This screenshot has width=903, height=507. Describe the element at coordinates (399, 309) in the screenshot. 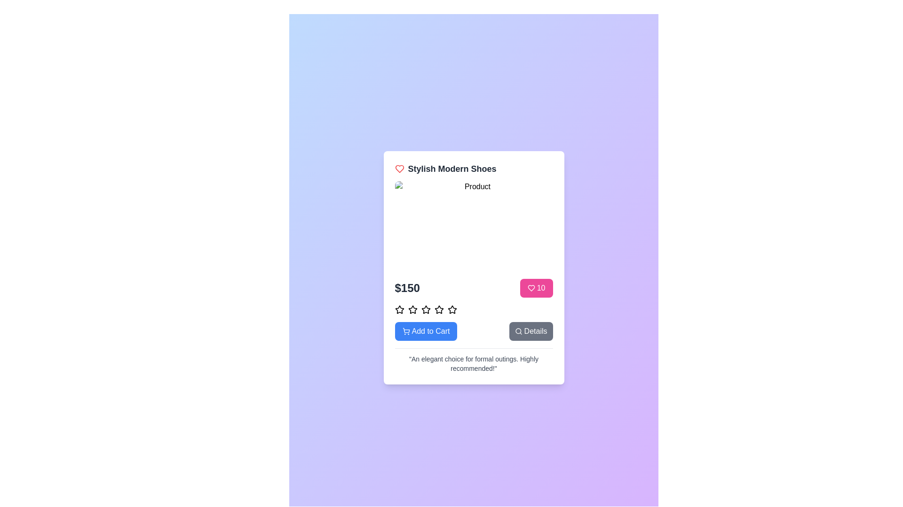

I see `the first star icon` at that location.